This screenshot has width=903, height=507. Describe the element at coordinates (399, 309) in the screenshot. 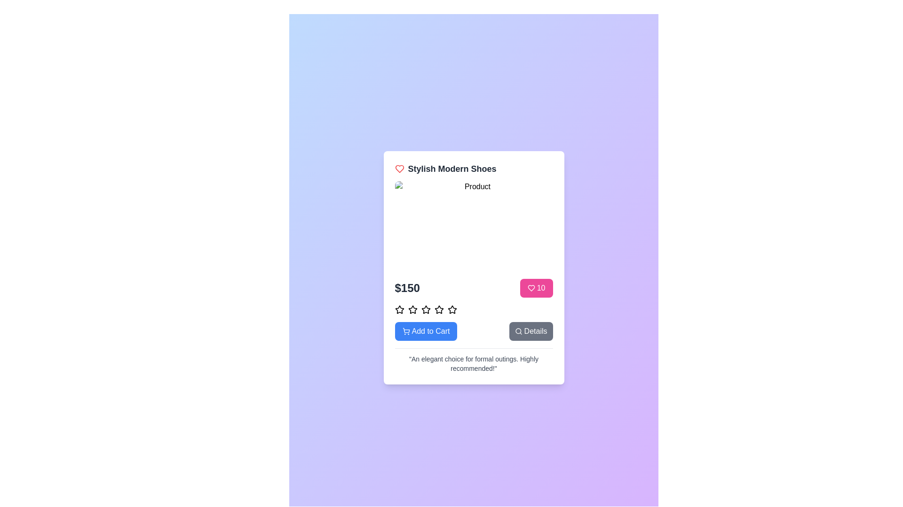

I see `the first star icon` at that location.